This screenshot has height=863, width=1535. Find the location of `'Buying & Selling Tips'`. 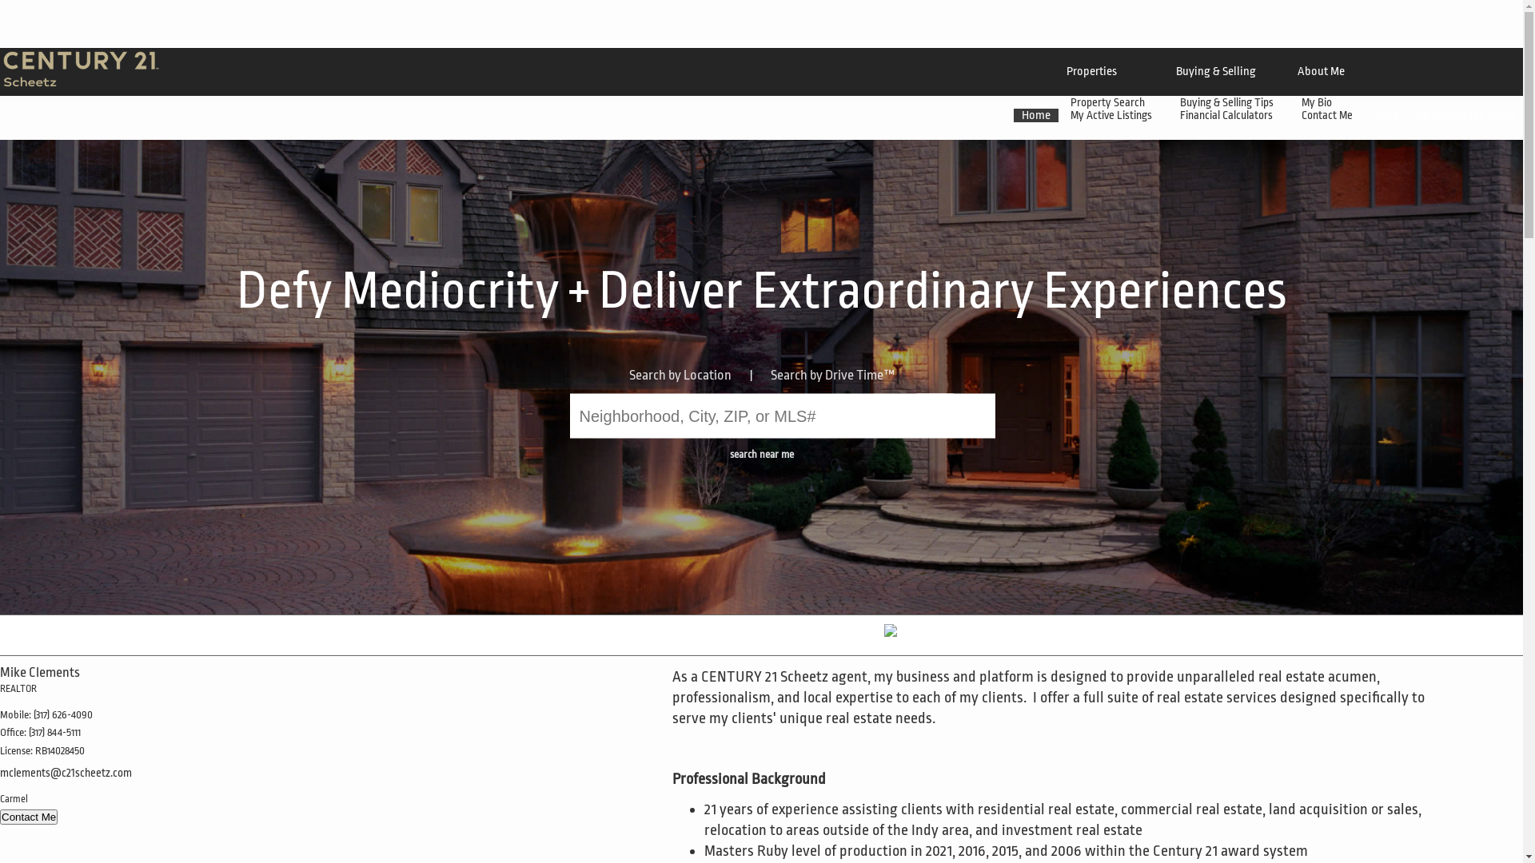

'Buying & Selling Tips' is located at coordinates (1227, 101).